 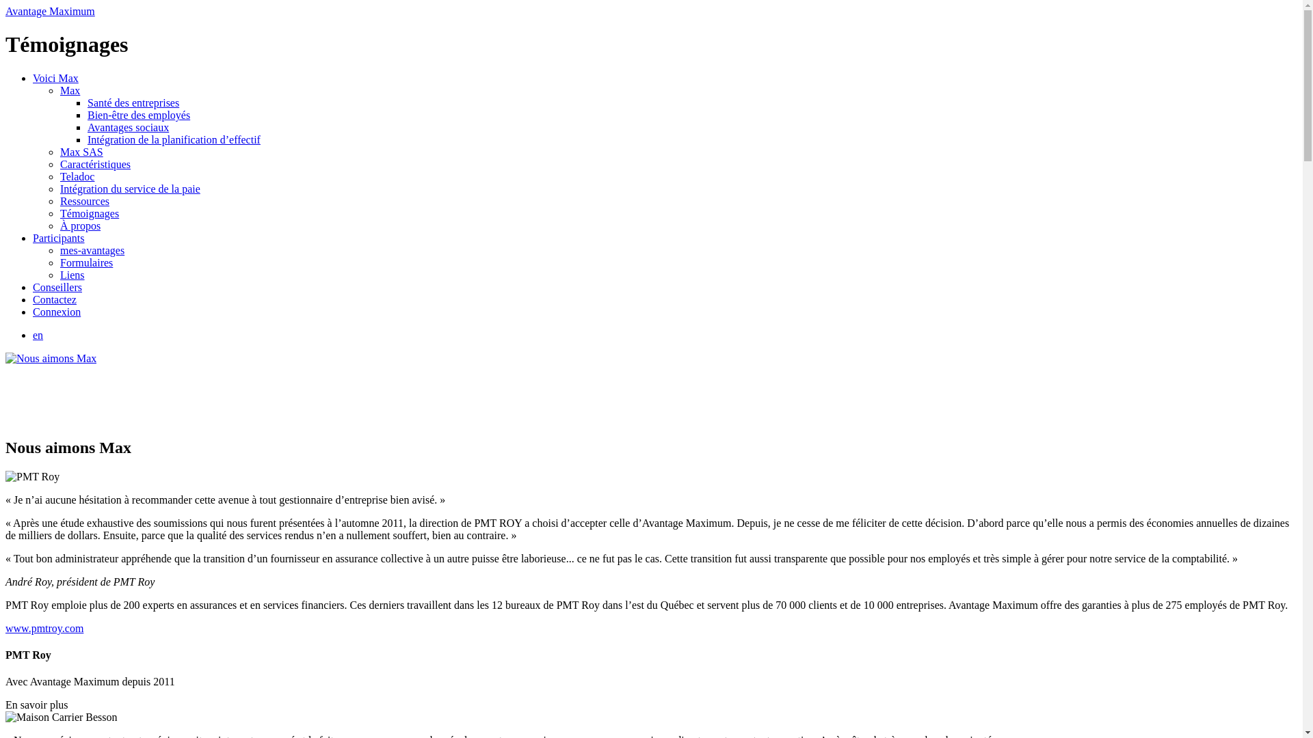 I want to click on 'Voici Max', so click(x=33, y=78).